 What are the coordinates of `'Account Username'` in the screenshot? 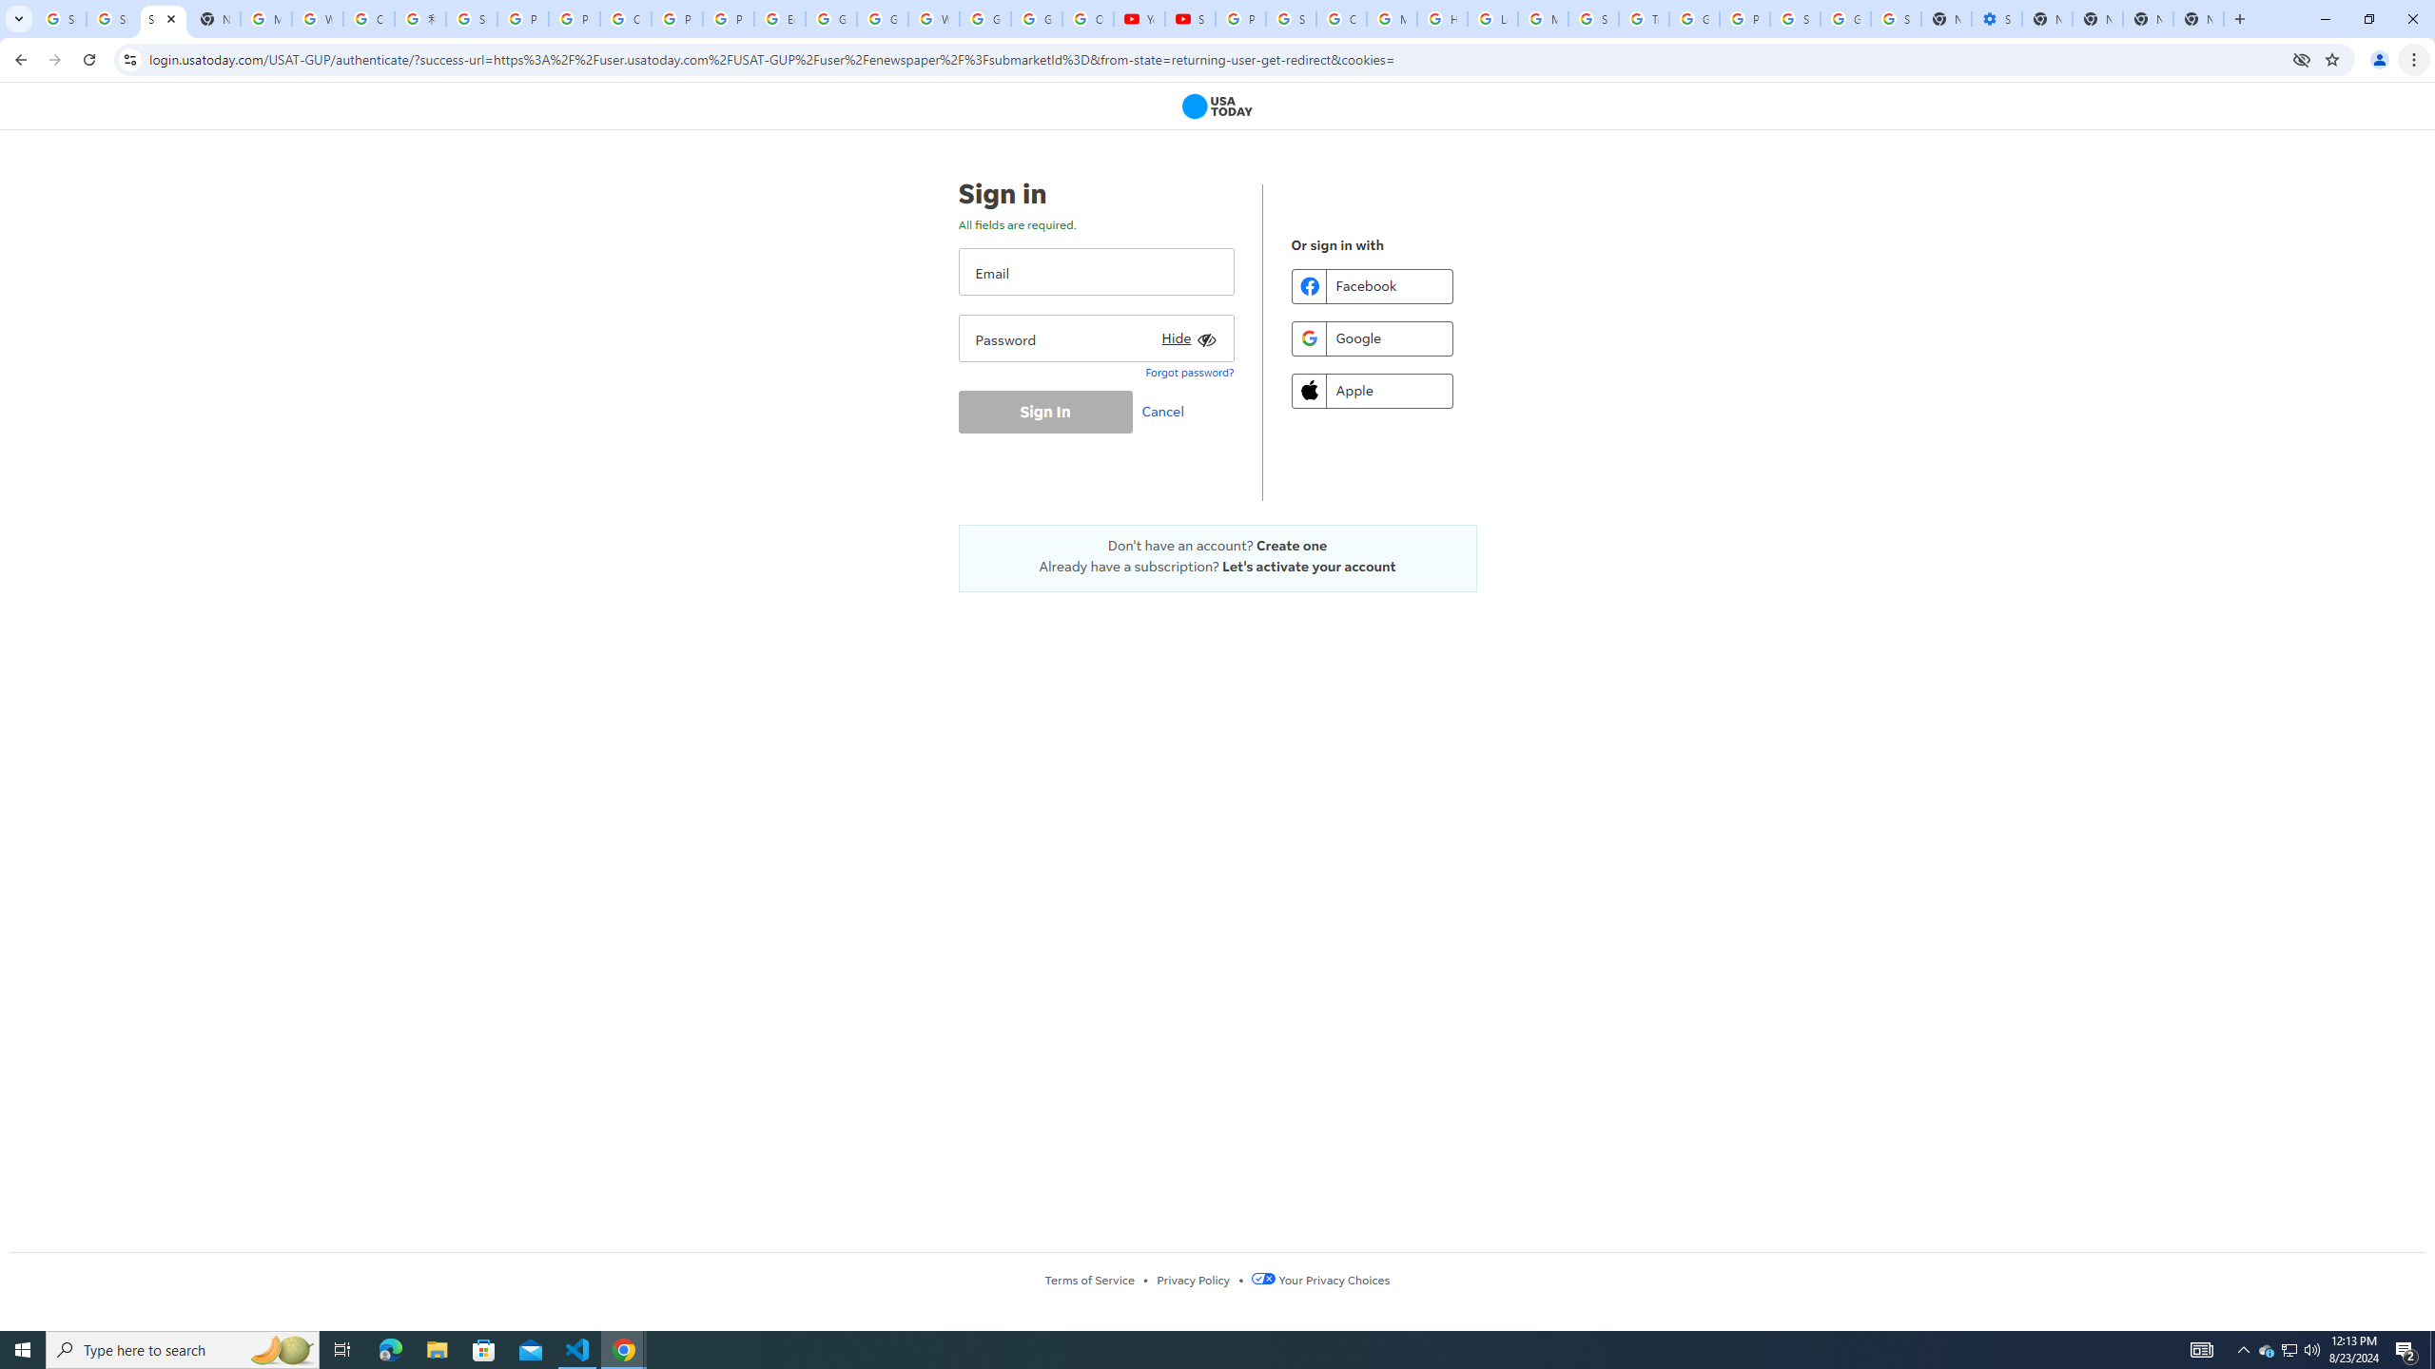 It's located at (1095, 270).